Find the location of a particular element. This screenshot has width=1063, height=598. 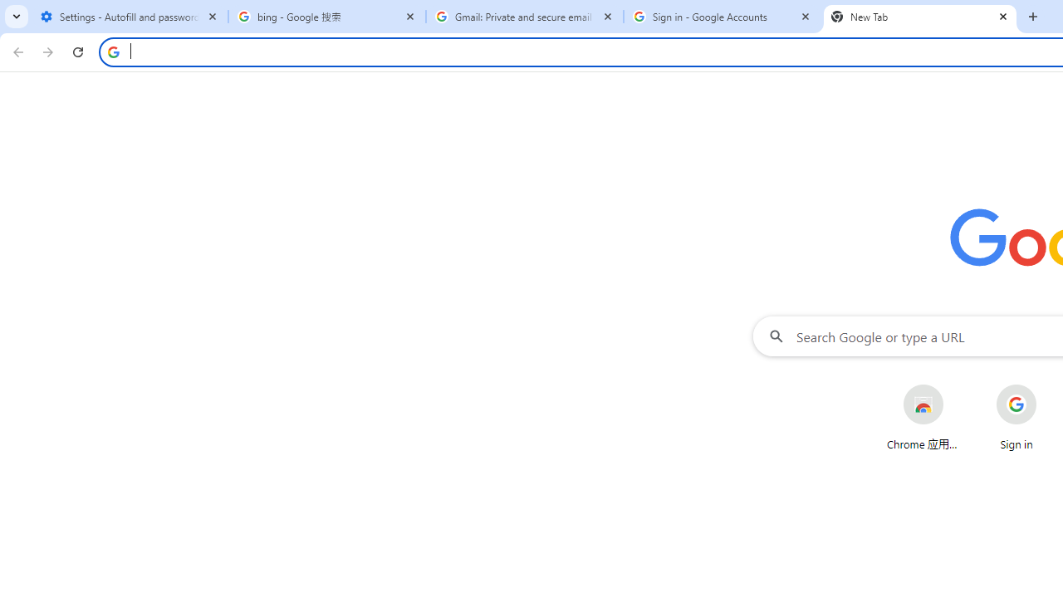

'More actions for Sign in shortcut' is located at coordinates (1049, 385).